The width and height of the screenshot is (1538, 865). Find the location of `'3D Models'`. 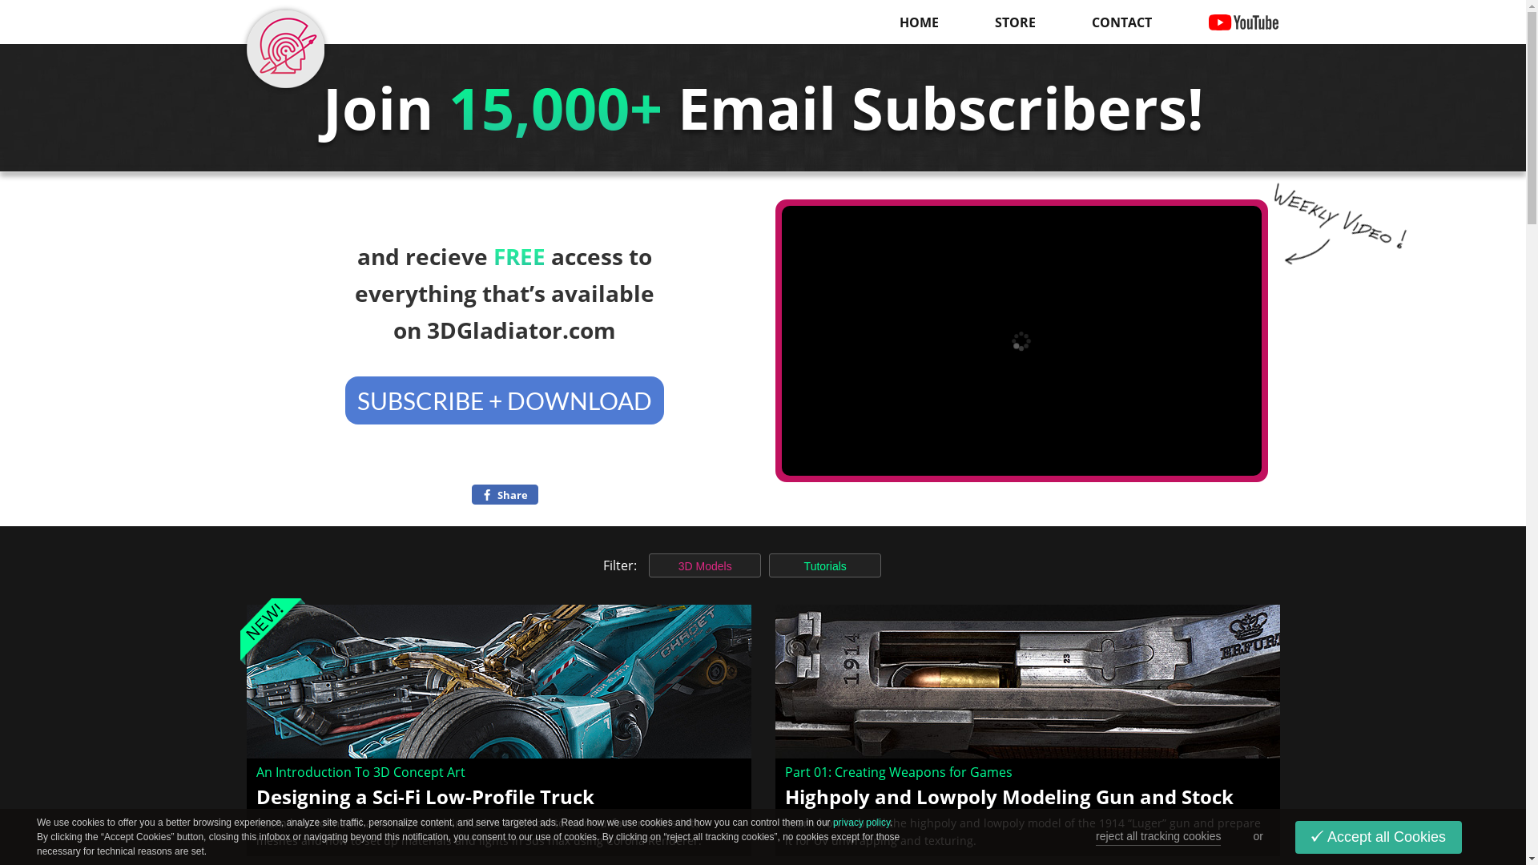

'3D Models' is located at coordinates (704, 564).